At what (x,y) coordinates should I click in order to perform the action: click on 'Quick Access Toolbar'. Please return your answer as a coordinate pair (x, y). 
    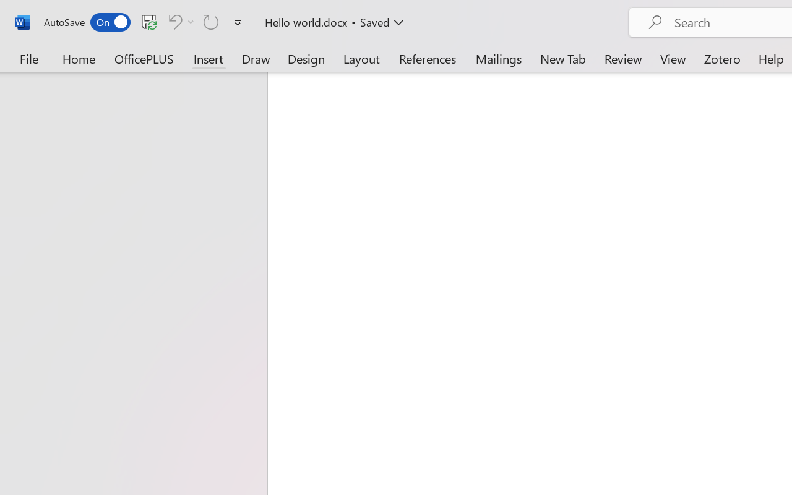
    Looking at the image, I should click on (145, 22).